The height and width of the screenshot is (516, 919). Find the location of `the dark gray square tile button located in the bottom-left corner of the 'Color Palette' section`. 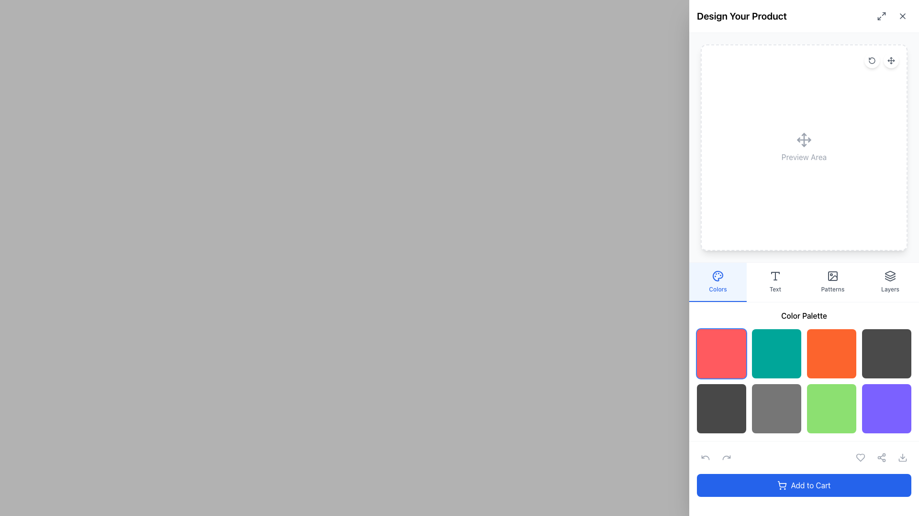

the dark gray square tile button located in the bottom-left corner of the 'Color Palette' section is located at coordinates (721, 408).